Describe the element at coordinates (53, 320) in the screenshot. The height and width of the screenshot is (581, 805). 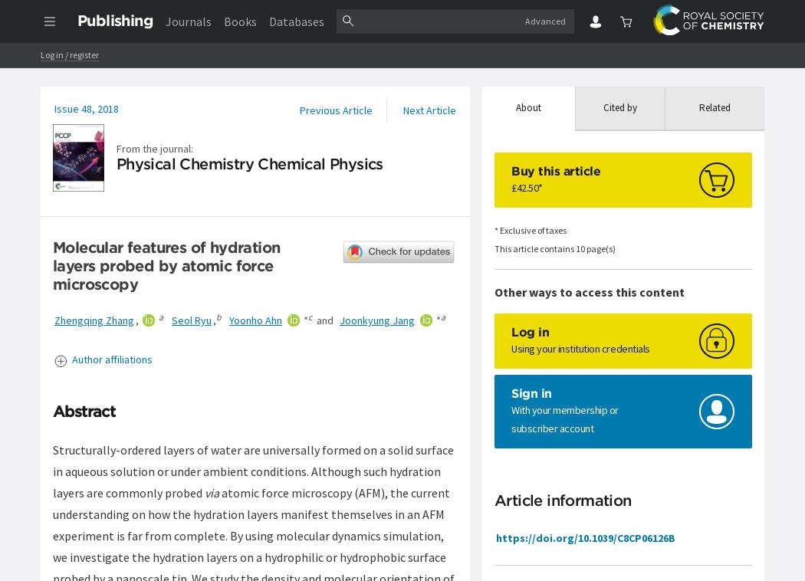
I see `'Zhengqing
Zhang'` at that location.